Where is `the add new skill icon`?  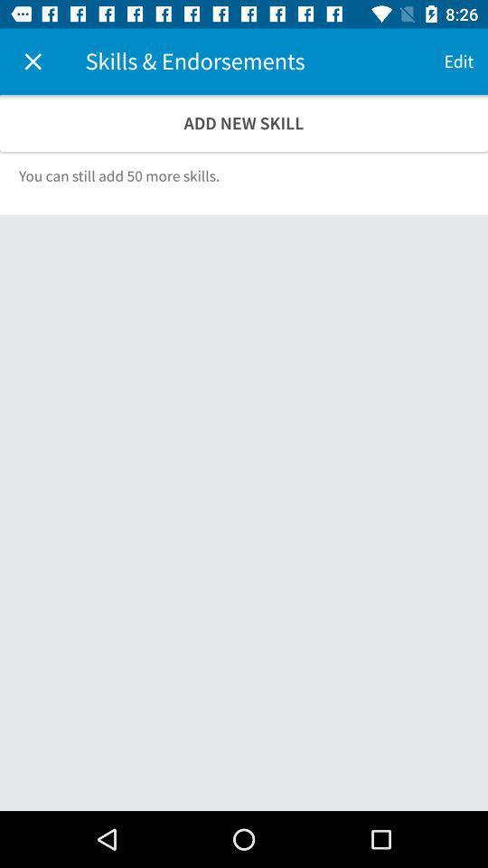
the add new skill icon is located at coordinates (244, 122).